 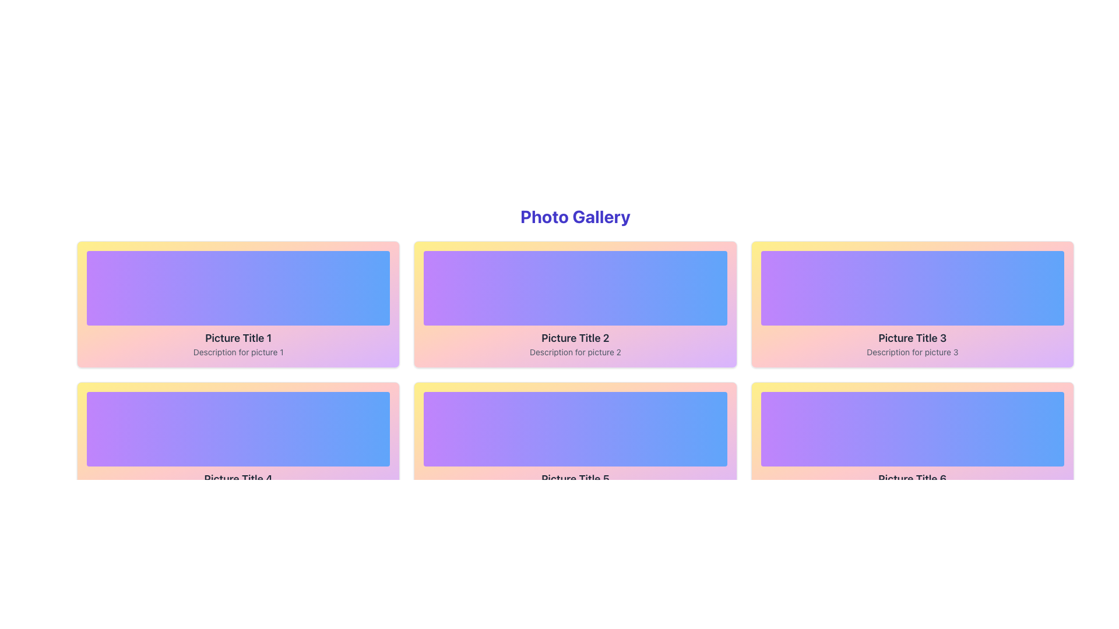 I want to click on the Decorative Box located in the bottom-right corner of the 2x3 grid structure, which serves as a visual banner above 'Picture Title 6' and 'Description for picture 6', so click(x=912, y=429).